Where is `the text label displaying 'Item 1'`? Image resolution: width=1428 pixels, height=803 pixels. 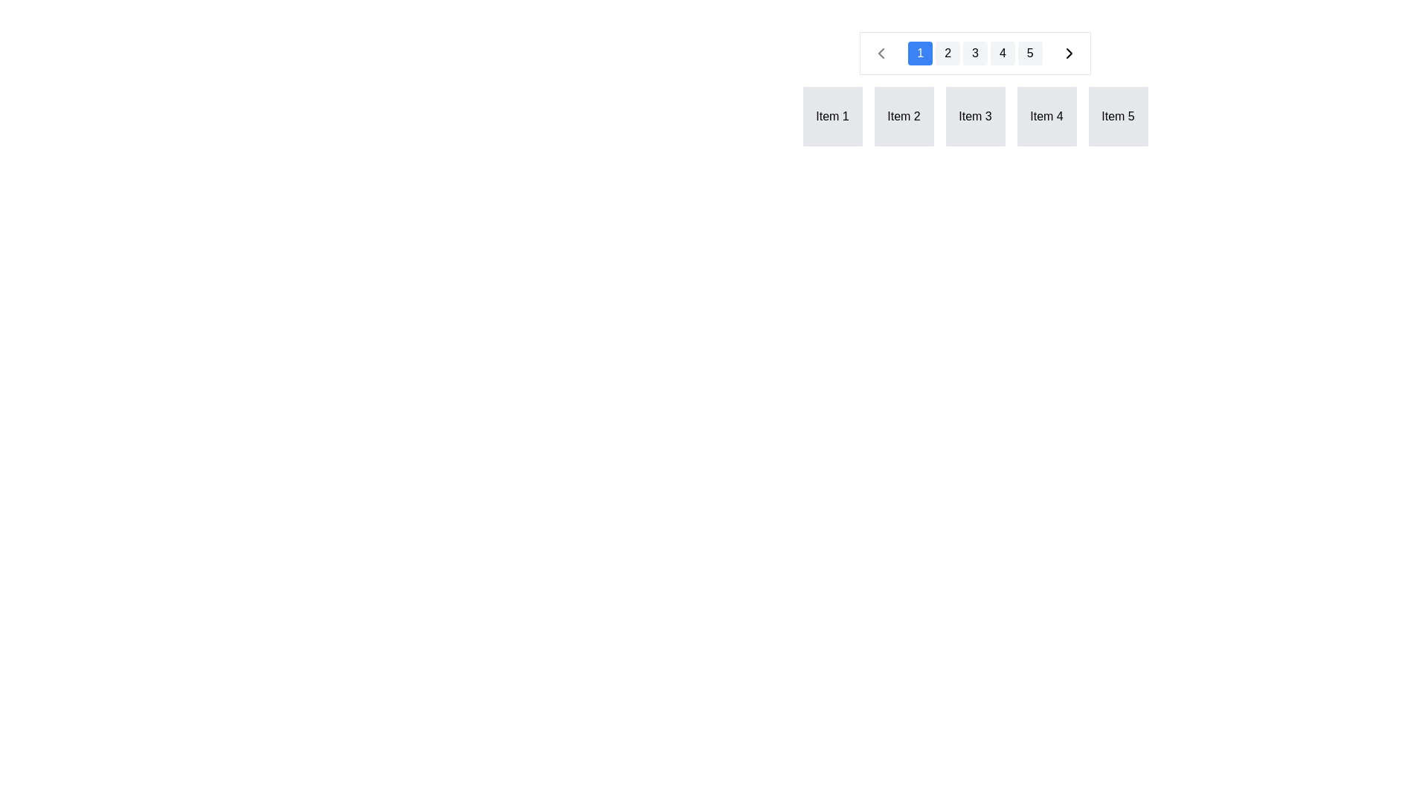
the text label displaying 'Item 1' is located at coordinates (832, 116).